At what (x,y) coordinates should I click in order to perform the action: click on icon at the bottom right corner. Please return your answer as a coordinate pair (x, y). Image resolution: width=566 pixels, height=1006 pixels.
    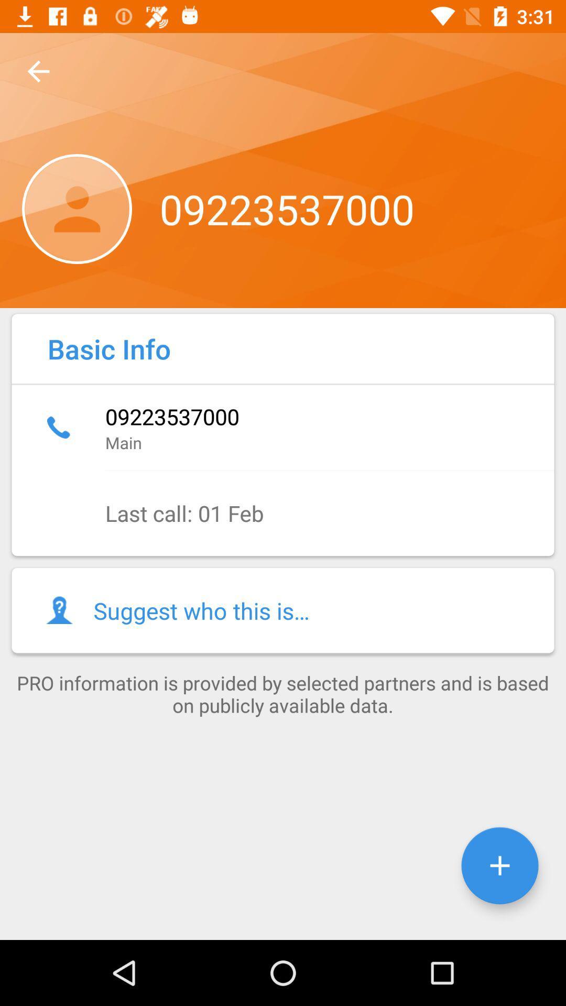
    Looking at the image, I should click on (499, 866).